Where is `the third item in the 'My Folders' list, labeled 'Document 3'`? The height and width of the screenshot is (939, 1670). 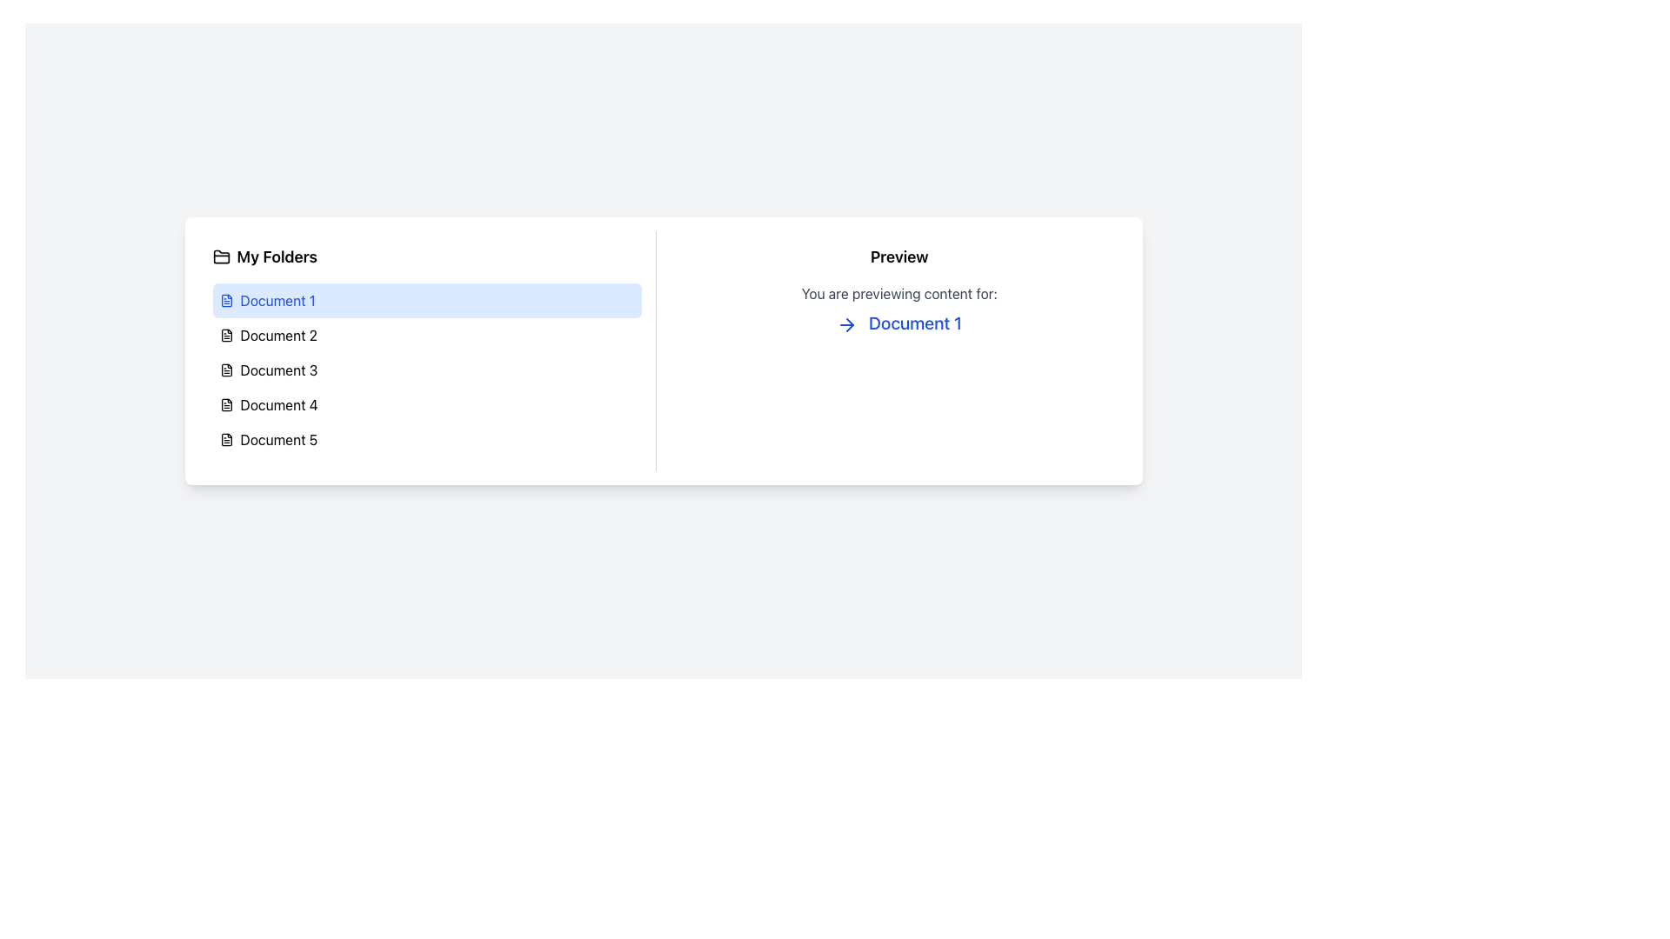
the third item in the 'My Folders' list, labeled 'Document 3' is located at coordinates (427, 369).